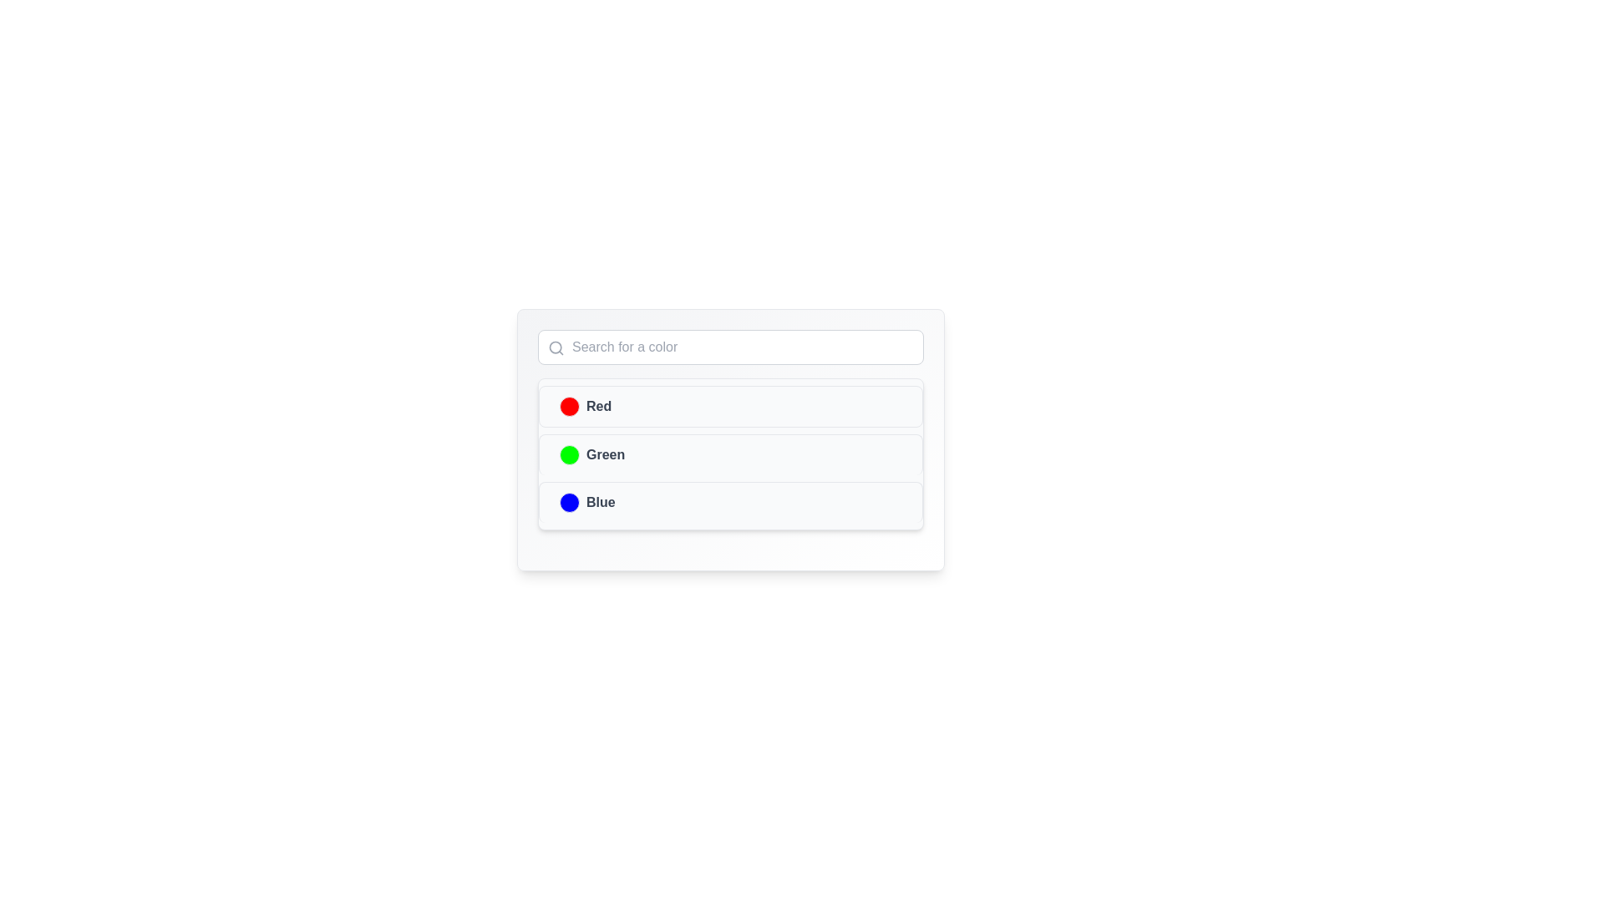 This screenshot has height=902, width=1604. I want to click on the text label 'Blue', so click(601, 501).